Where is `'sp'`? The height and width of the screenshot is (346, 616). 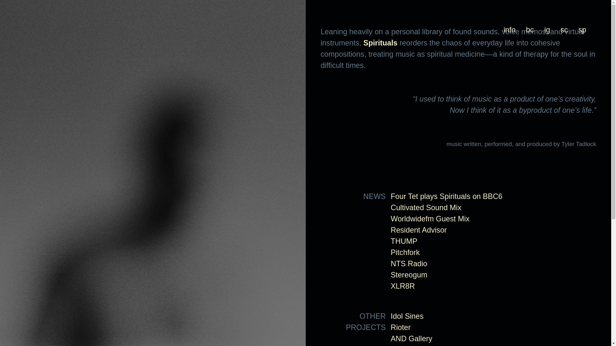
'sp' is located at coordinates (582, 30).